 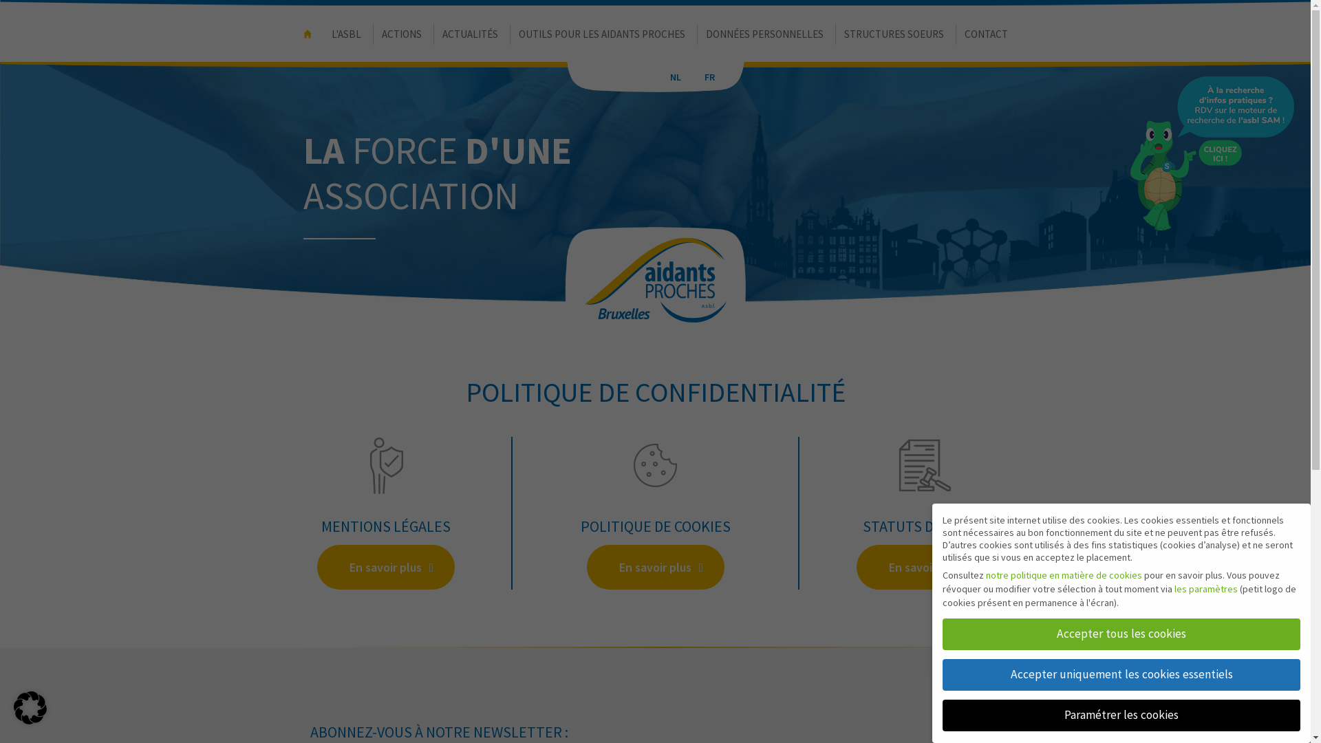 What do you see at coordinates (709, 77) in the screenshot?
I see `'FR'` at bounding box center [709, 77].